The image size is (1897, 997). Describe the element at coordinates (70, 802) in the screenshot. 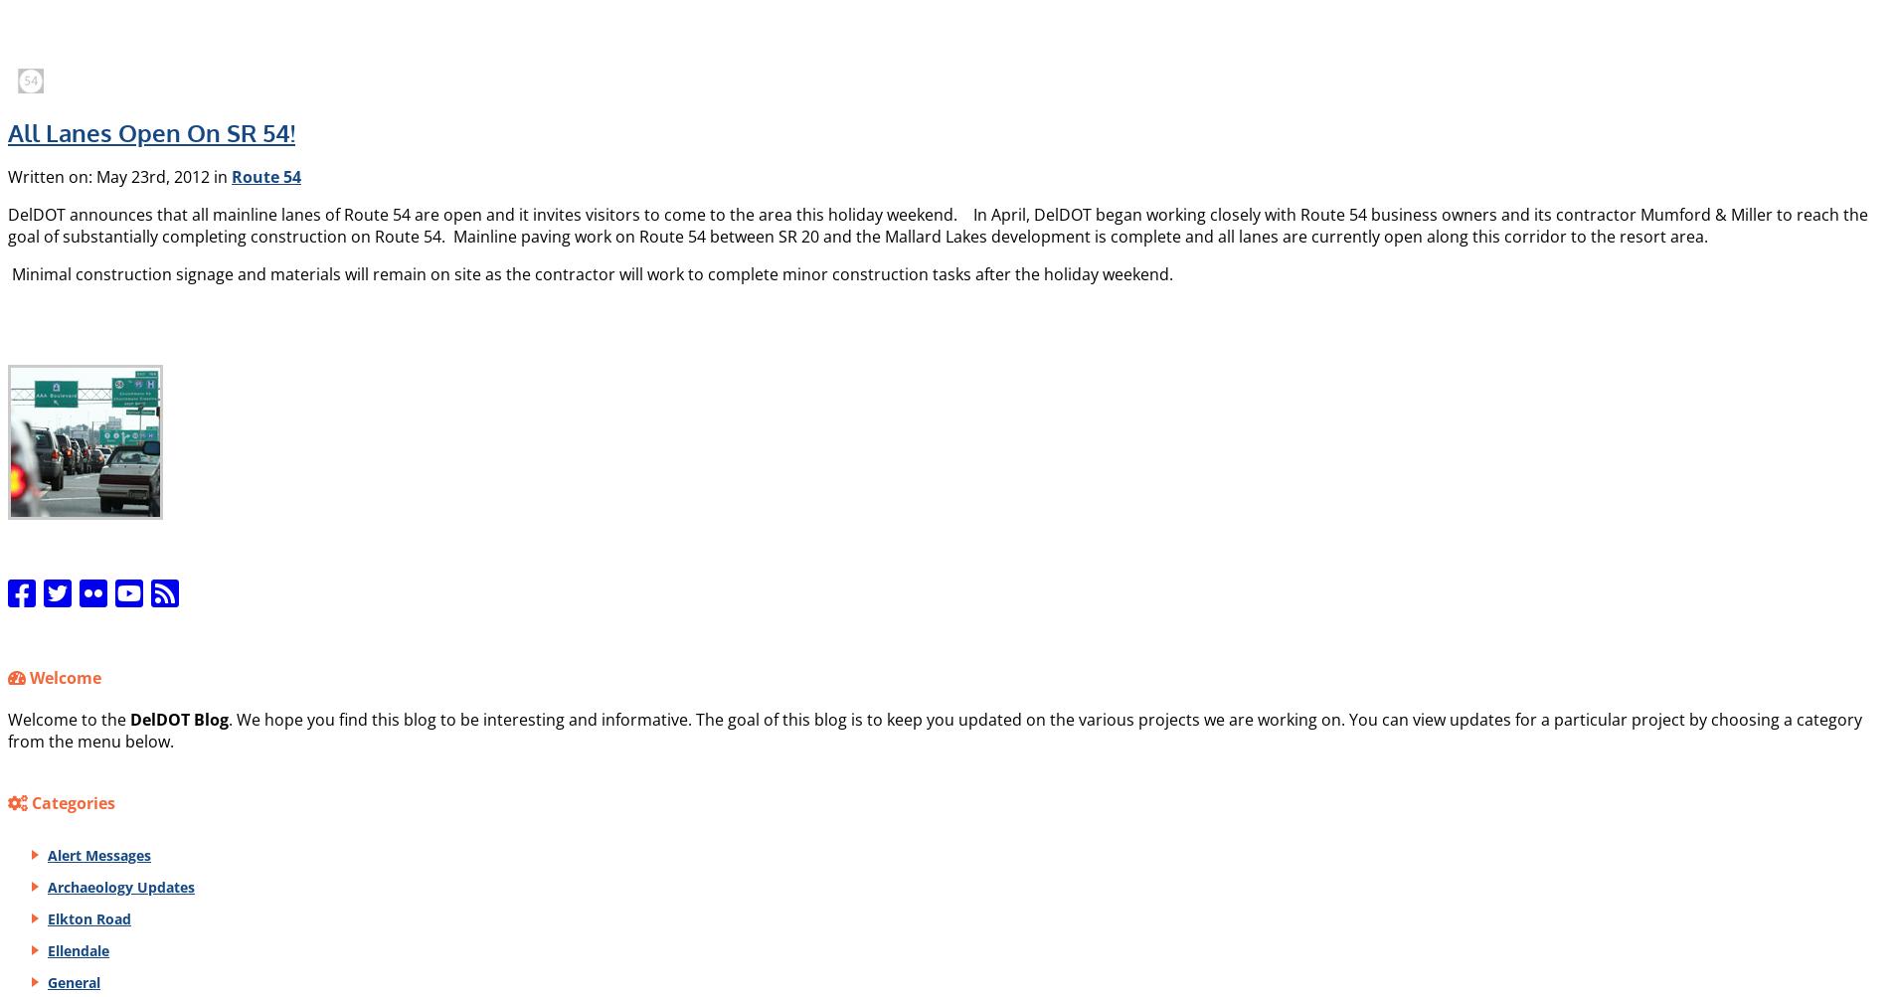

I see `'Categories'` at that location.